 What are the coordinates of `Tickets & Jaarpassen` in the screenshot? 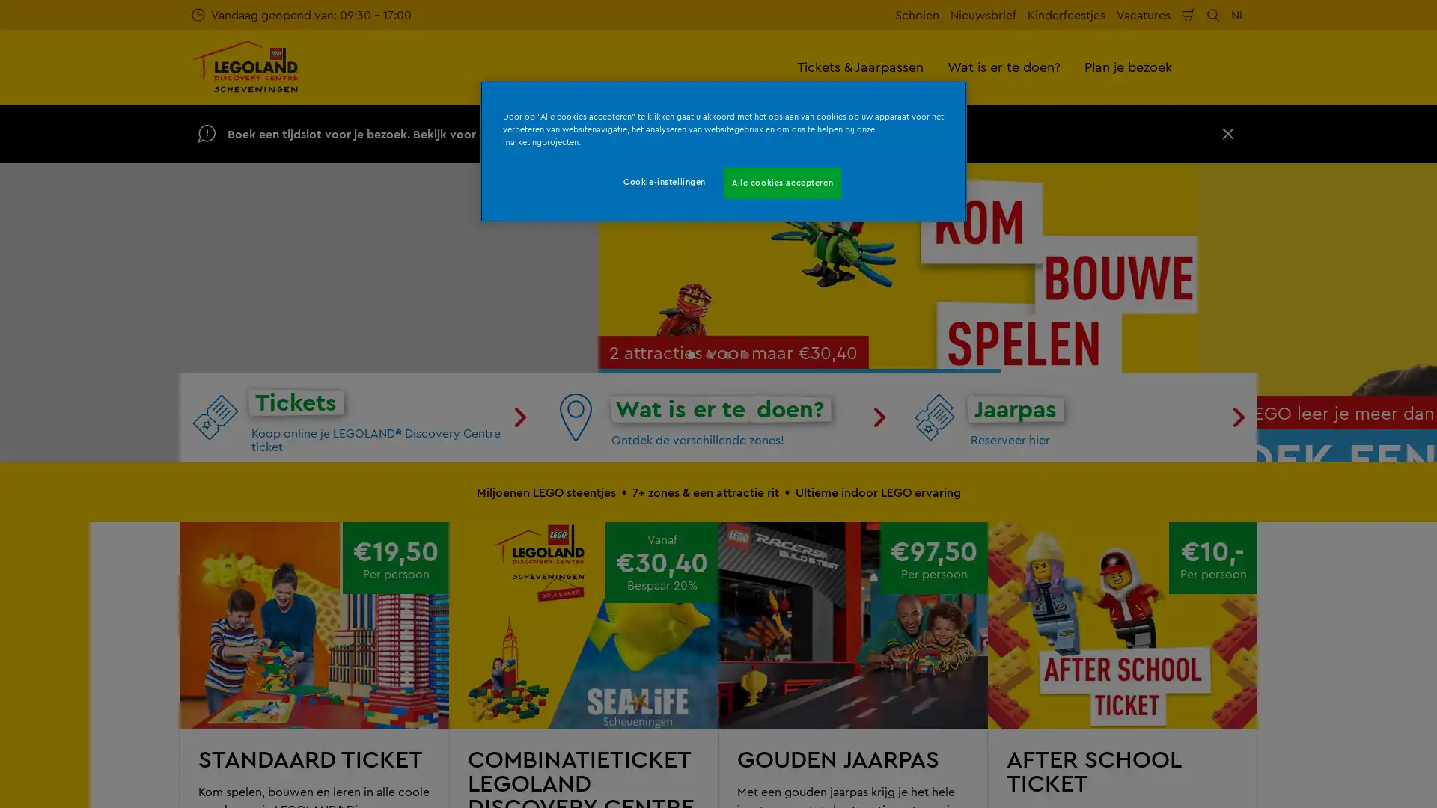 It's located at (860, 66).